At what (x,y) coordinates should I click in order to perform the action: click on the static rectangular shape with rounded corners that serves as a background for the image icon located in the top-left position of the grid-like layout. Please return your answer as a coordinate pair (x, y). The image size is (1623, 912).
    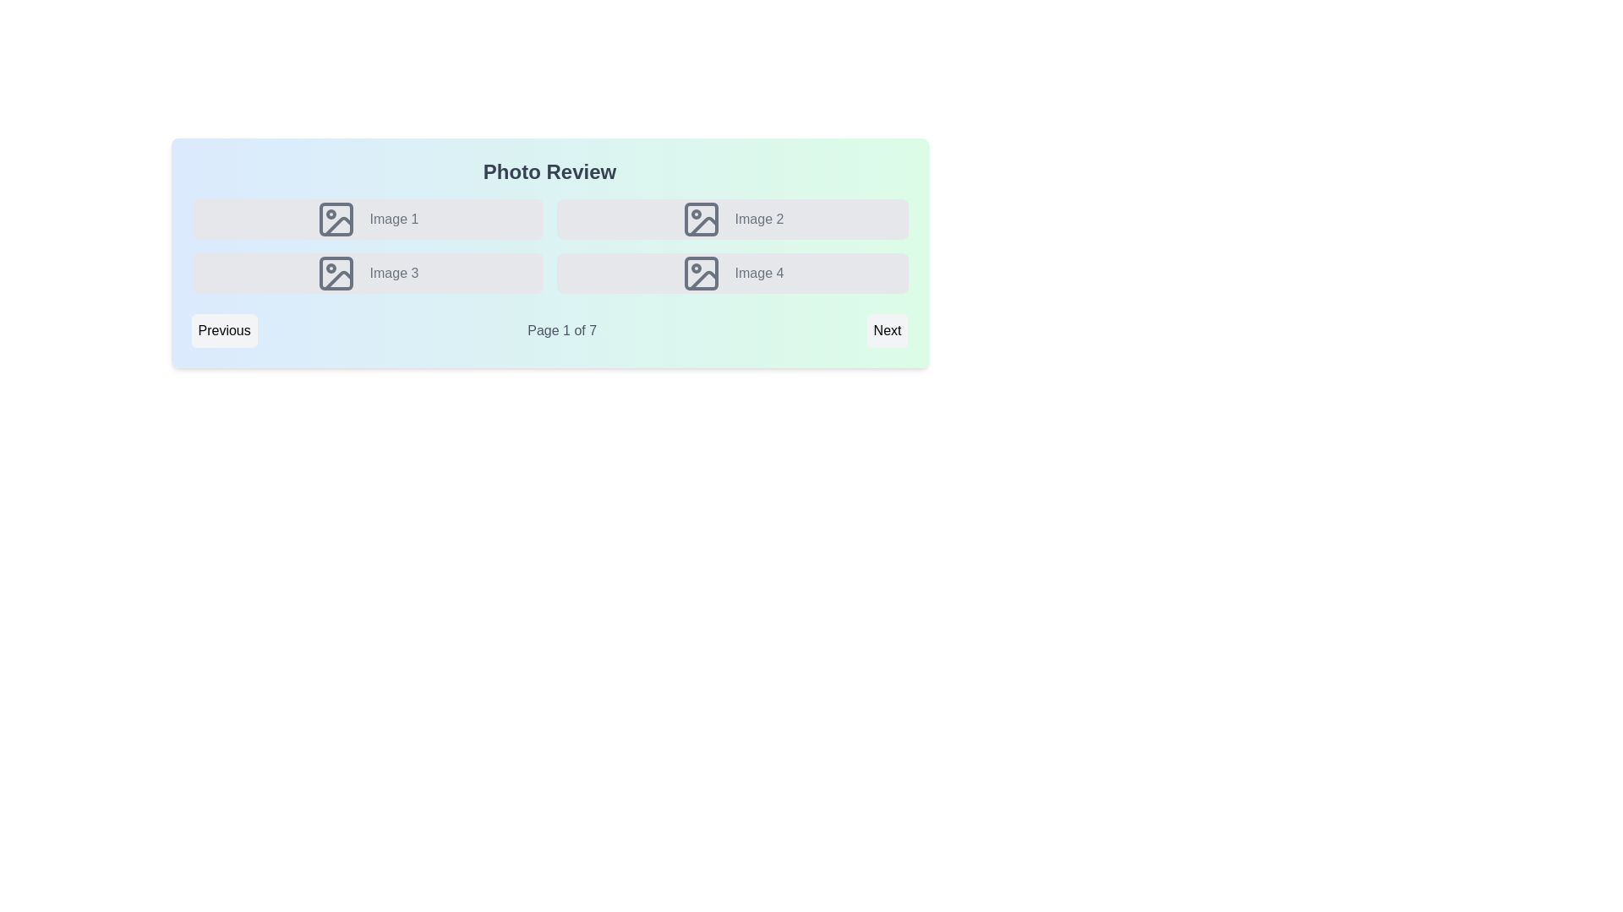
    Looking at the image, I should click on (336, 218).